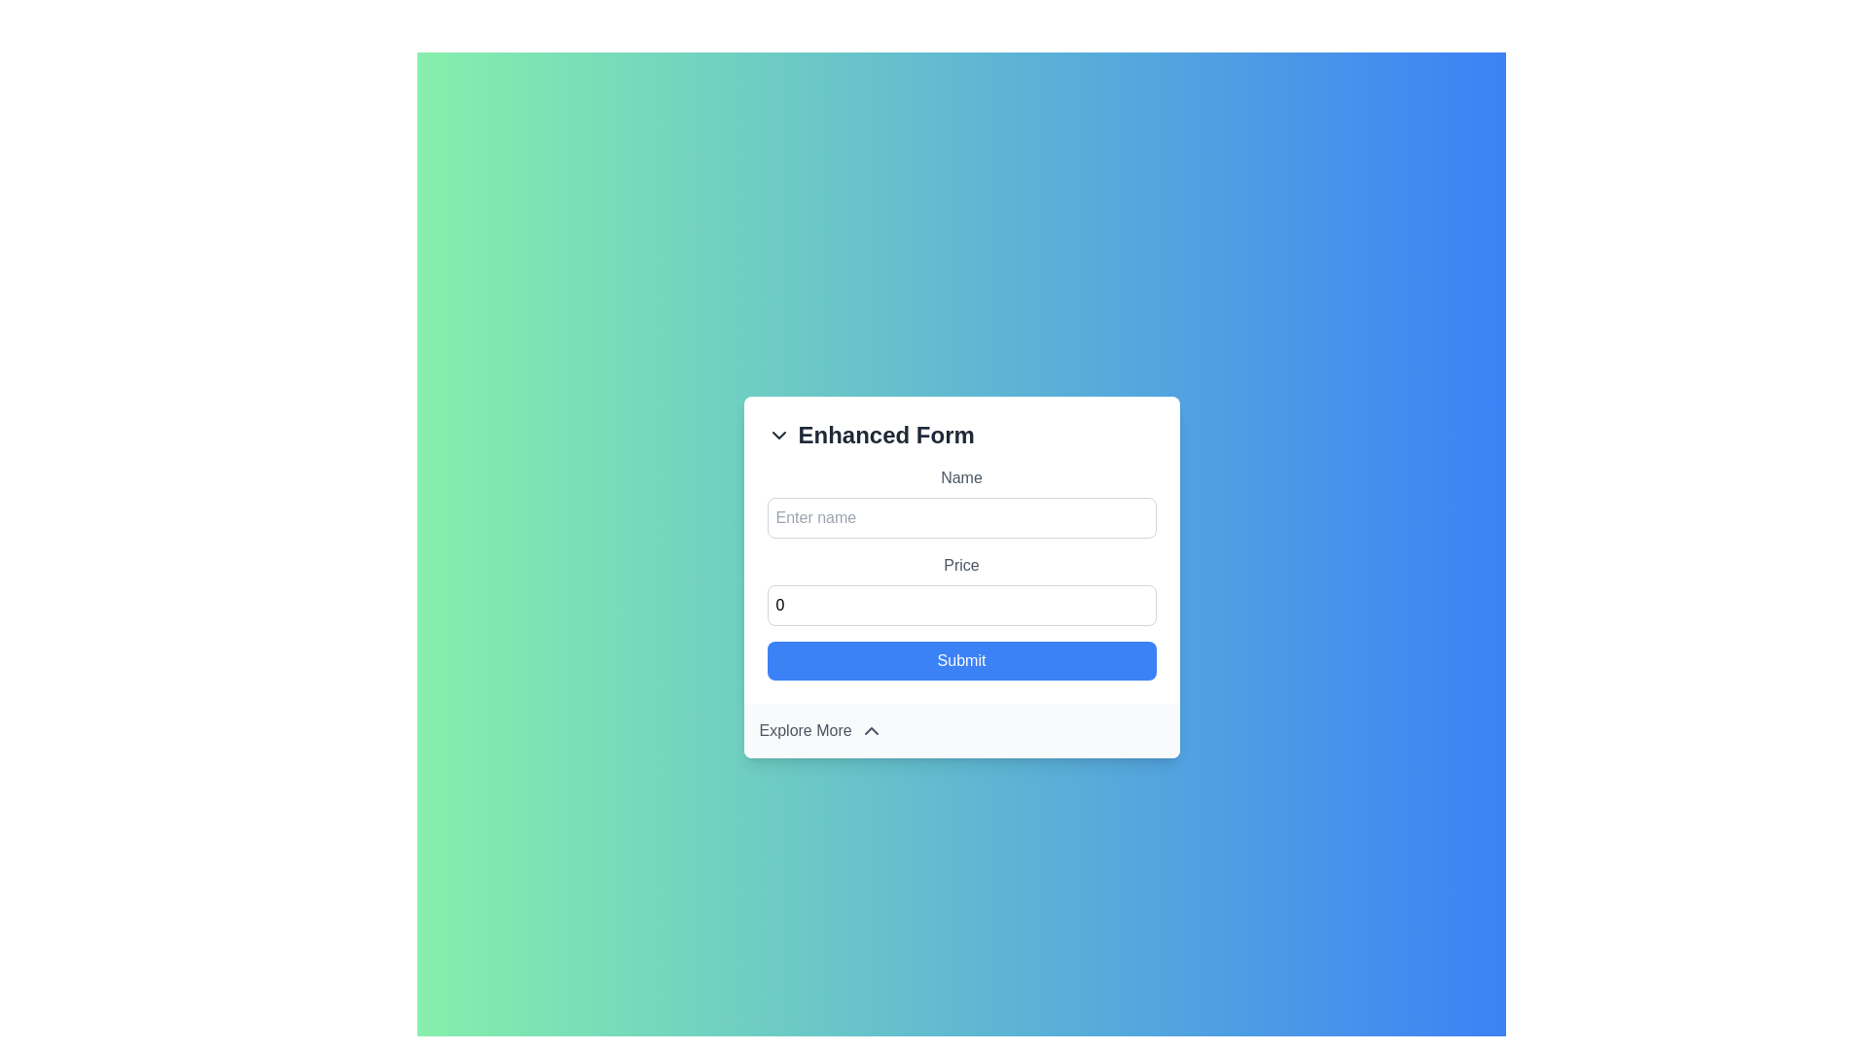  I want to click on the chevron icon located to the left of the 'Enhanced Form' text, so click(778, 434).